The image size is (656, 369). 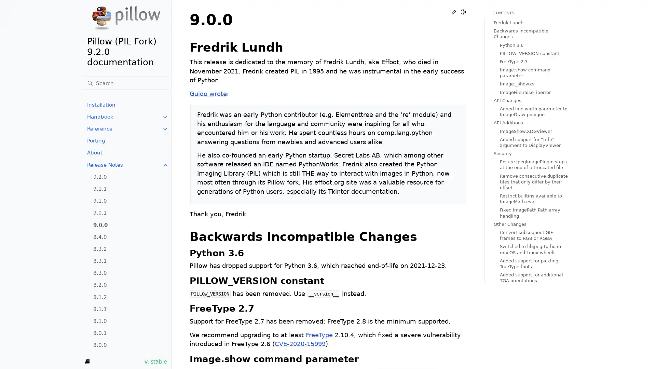 What do you see at coordinates (463, 12) in the screenshot?
I see `Toggle Light / Dark / Auto color theme` at bounding box center [463, 12].